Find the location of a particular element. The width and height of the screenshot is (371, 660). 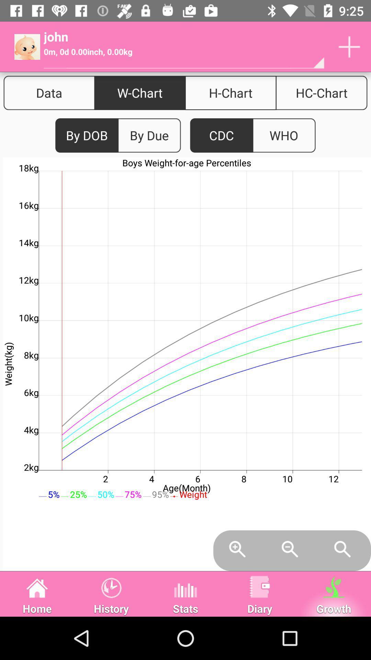

the by dob item is located at coordinates (87, 135).